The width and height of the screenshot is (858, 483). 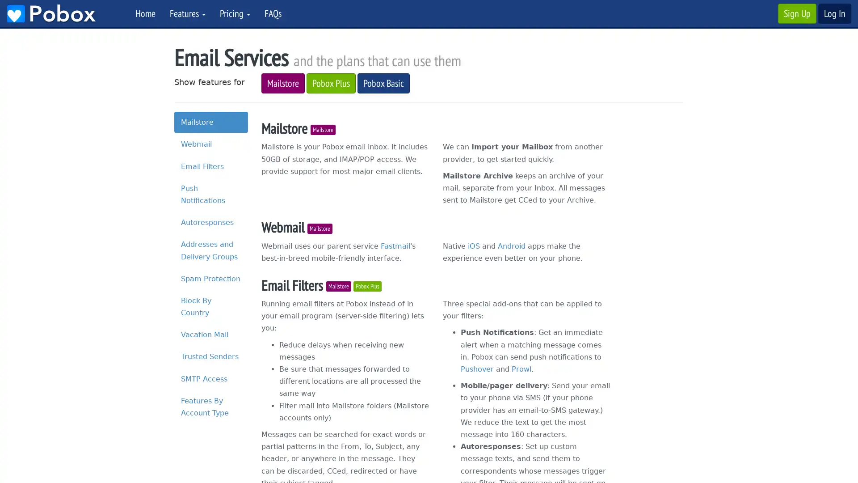 What do you see at coordinates (330, 83) in the screenshot?
I see `Pobox Plus` at bounding box center [330, 83].